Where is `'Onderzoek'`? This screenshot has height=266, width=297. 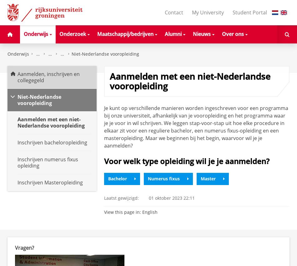
'Onderzoek' is located at coordinates (73, 33).